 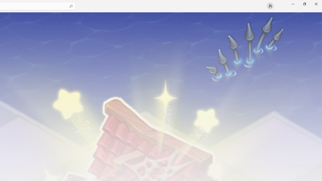 I want to click on 'Close Microsoft Store', so click(x=316, y=4).